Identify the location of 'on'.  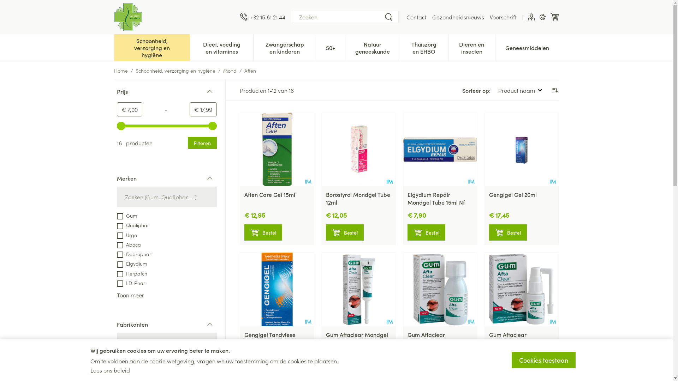
(117, 235).